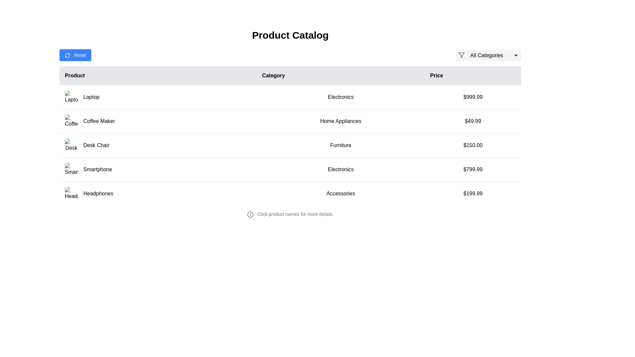  Describe the element at coordinates (473, 169) in the screenshot. I see `the price label displaying '$799.99' located in the fourth row under the 'Price' column for the product 'Smartphone' in the 'Electronics' category` at that location.